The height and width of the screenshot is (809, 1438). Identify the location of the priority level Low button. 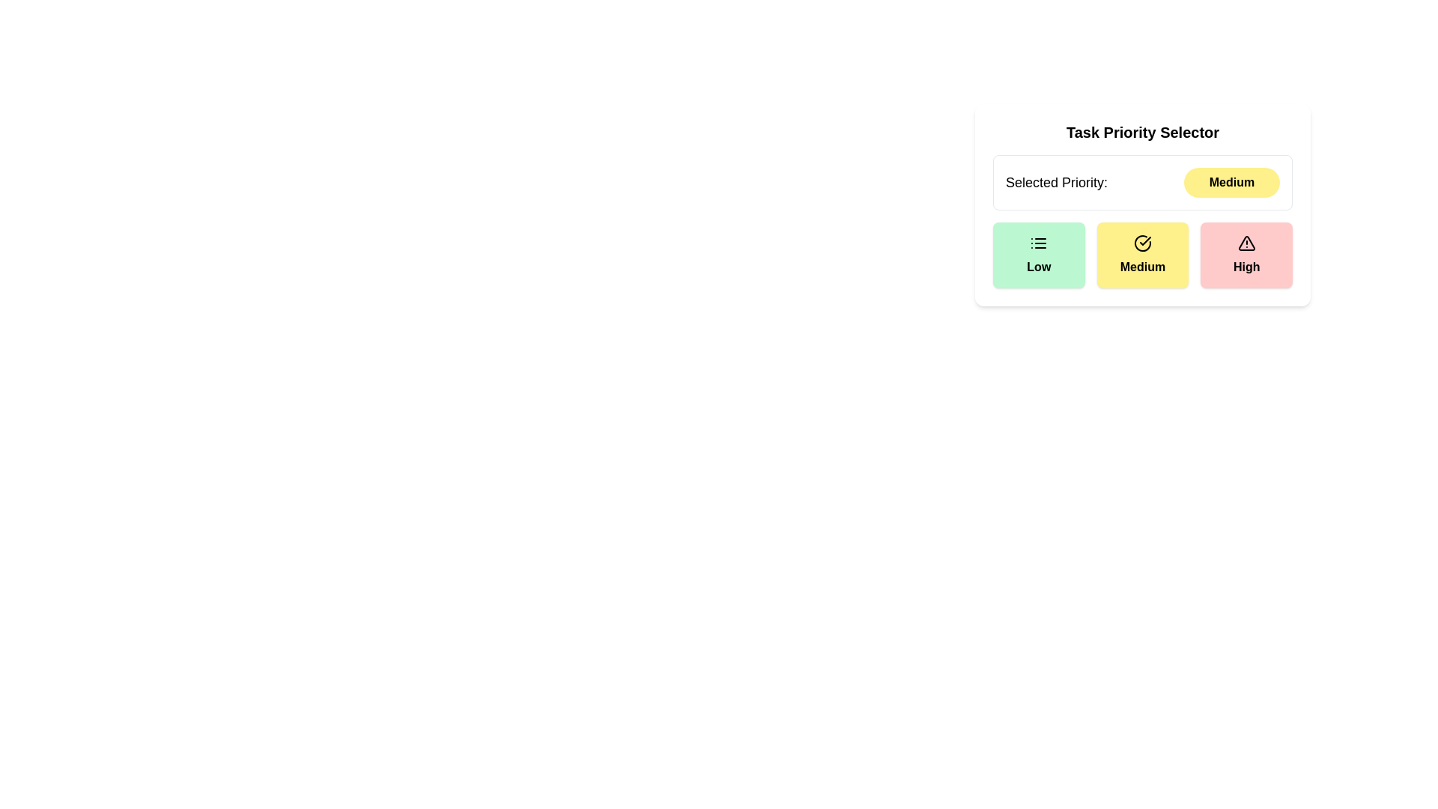
(1038, 254).